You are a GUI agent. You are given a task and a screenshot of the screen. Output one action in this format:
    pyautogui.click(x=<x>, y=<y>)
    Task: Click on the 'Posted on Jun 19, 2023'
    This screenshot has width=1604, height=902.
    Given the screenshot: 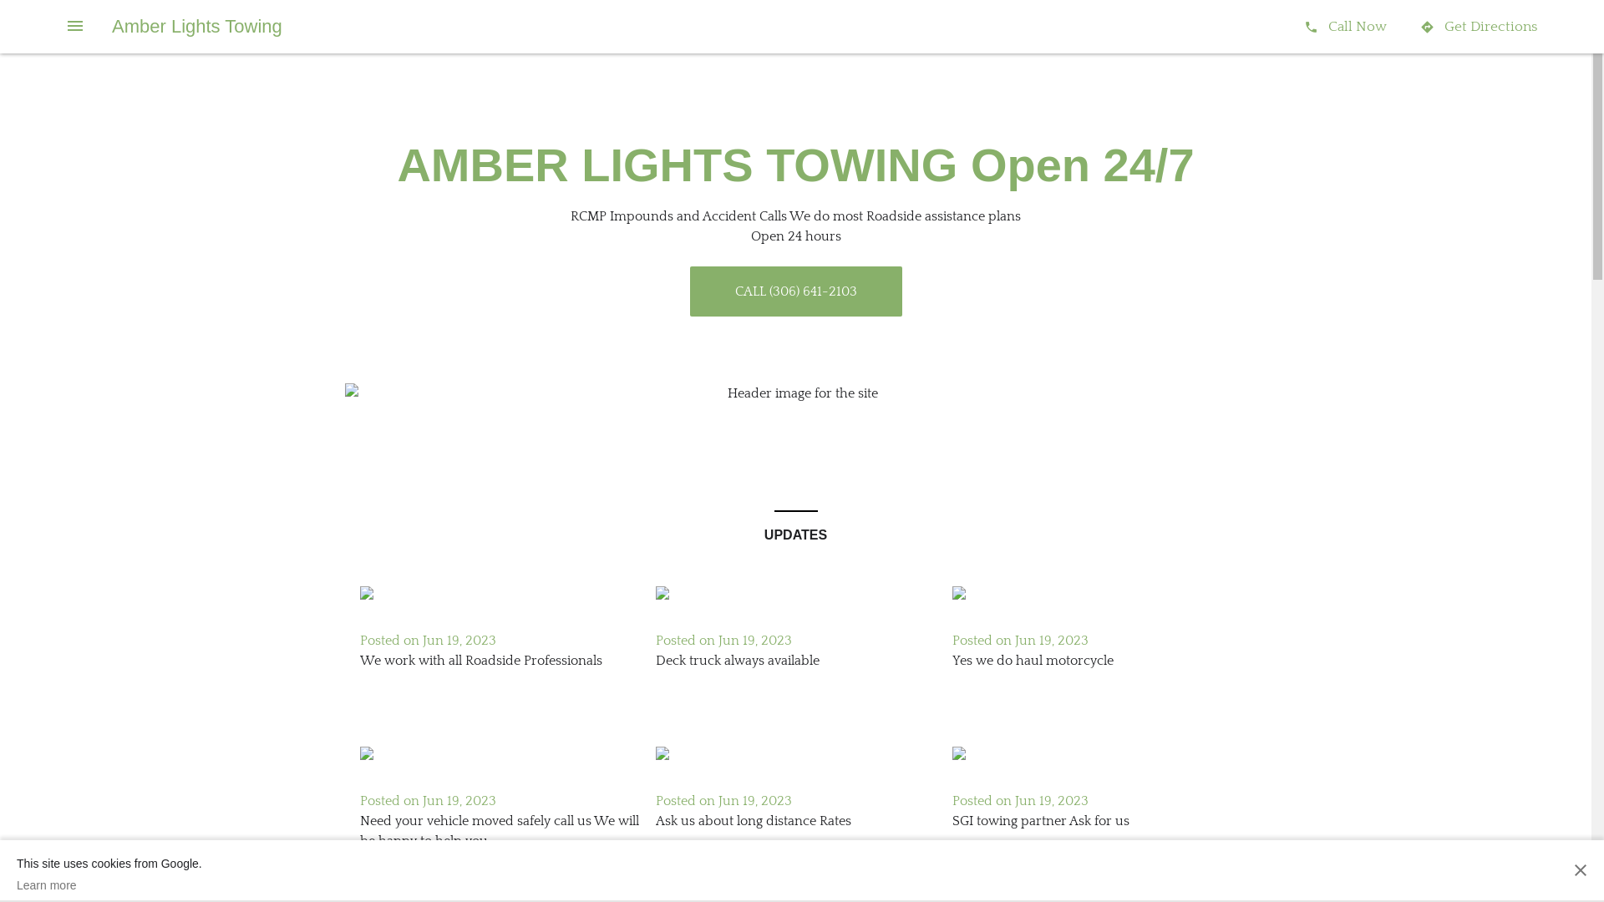 What is the action you would take?
    pyautogui.click(x=427, y=800)
    